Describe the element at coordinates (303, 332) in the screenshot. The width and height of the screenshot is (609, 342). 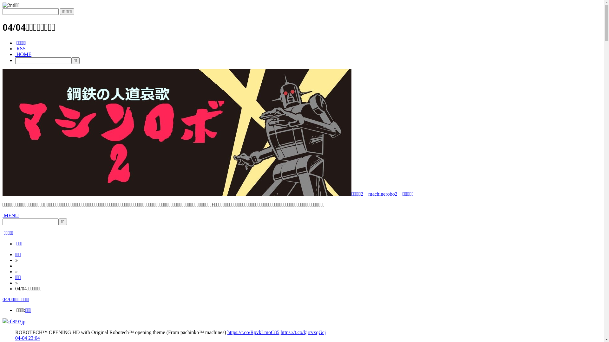
I see `'https://t.co/kjrrvxqGcj'` at that location.